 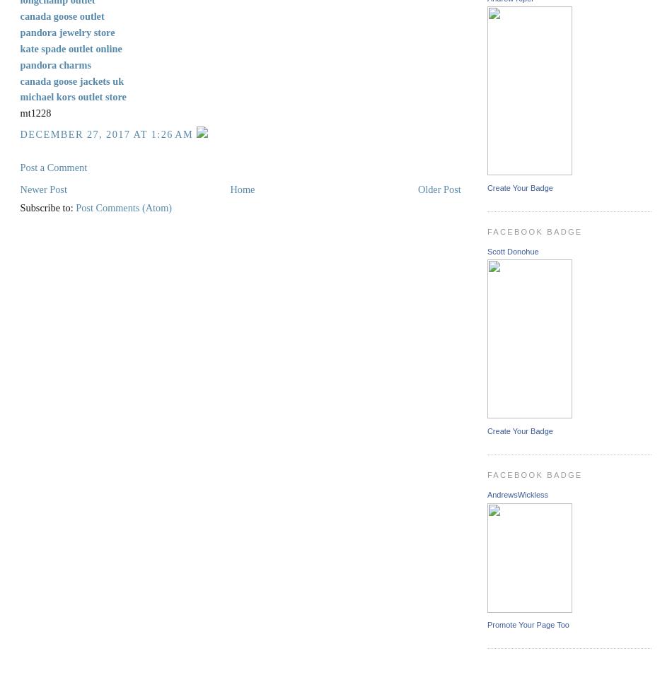 I want to click on 'Newer Post', so click(x=42, y=189).